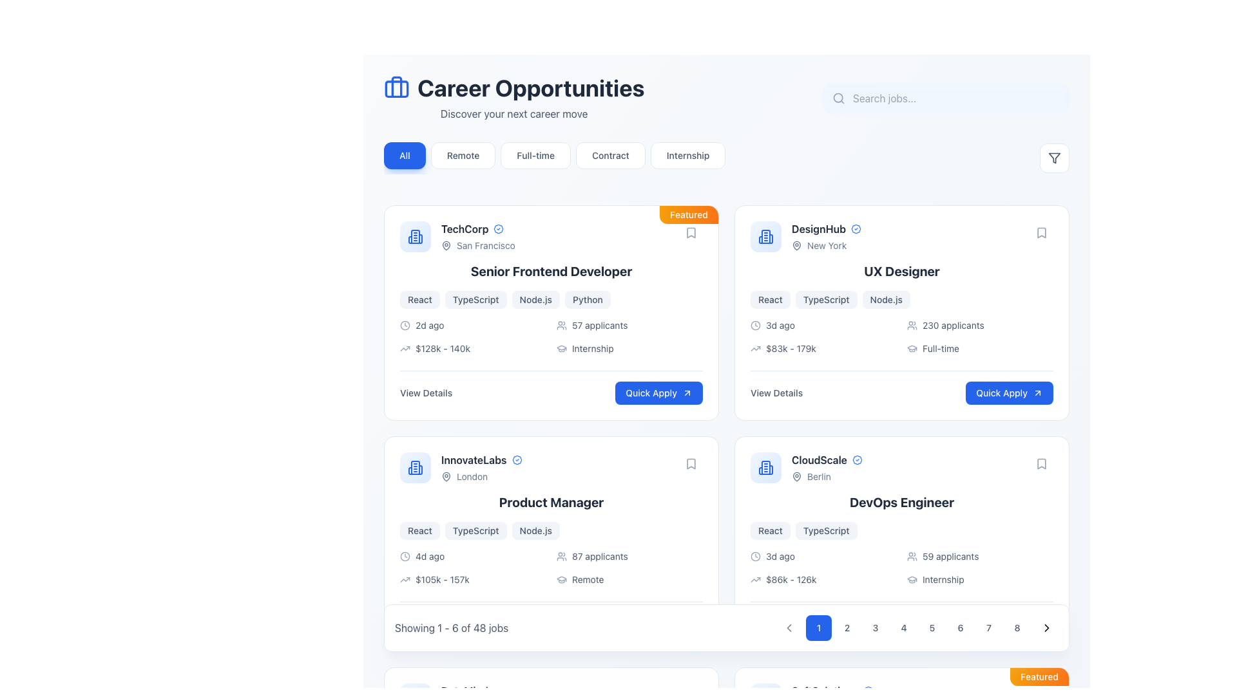 The width and height of the screenshot is (1237, 695). I want to click on the label with the company name 'InnovateLabs' and the blue checkmark, located in the second job card beneath 'Product Manager' and to the left of 'London', so click(481, 459).